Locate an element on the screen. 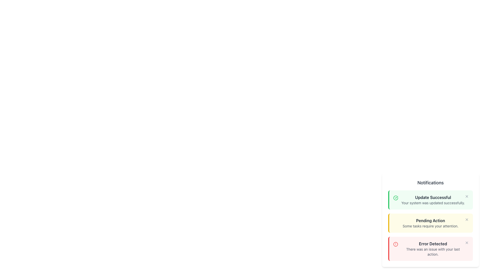  the 'Notifications' text label, which is a bold, large dark gray heading at the top of the notification panel is located at coordinates (430, 183).